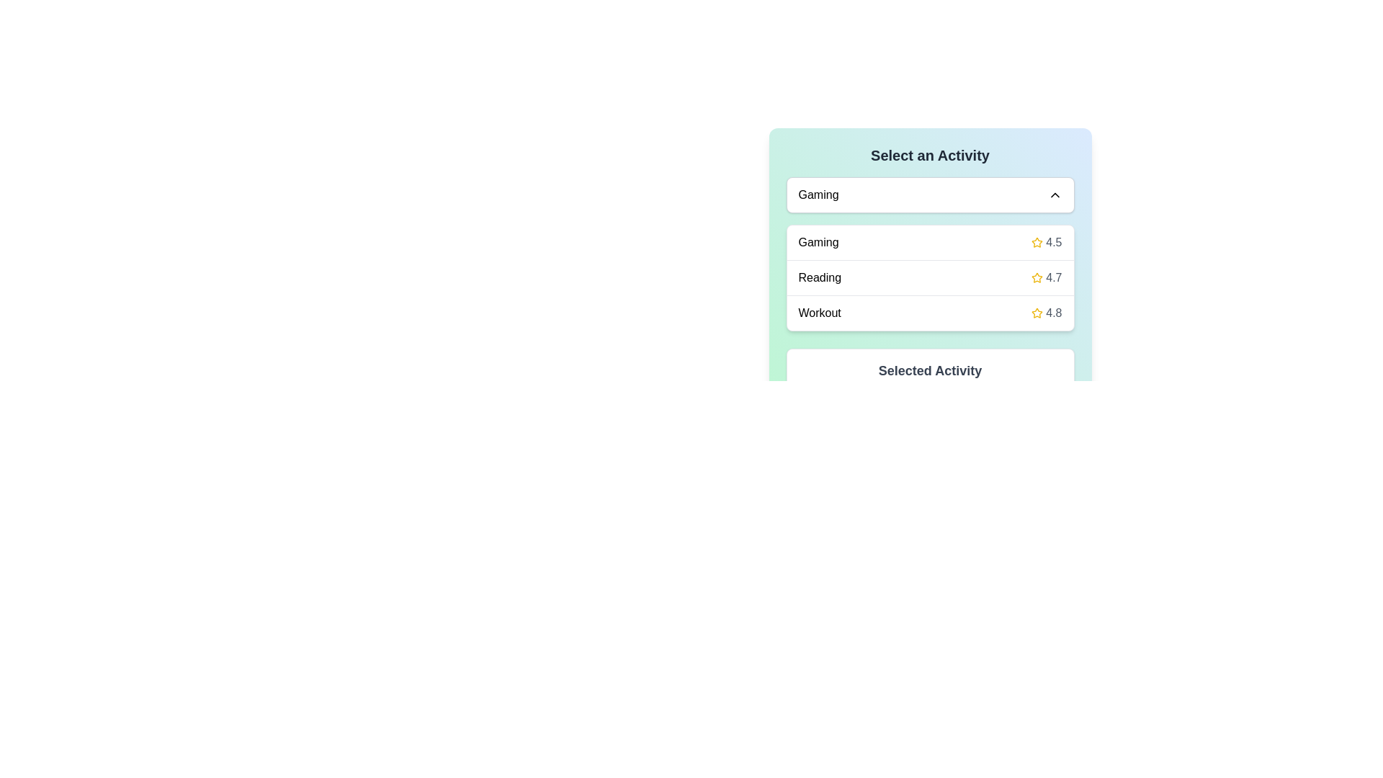 Image resolution: width=1383 pixels, height=778 pixels. I want to click on the static text label displaying 'Reading' in the dropdown menu titled 'Select an Activity', which is positioned between 'Gaming' and 'Workout', so click(820, 277).